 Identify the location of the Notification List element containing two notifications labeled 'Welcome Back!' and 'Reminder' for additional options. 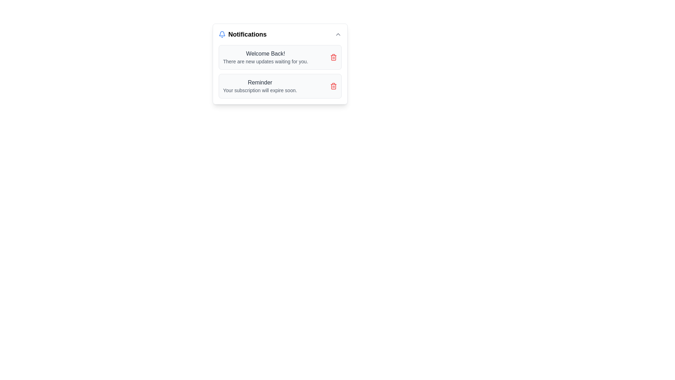
(279, 72).